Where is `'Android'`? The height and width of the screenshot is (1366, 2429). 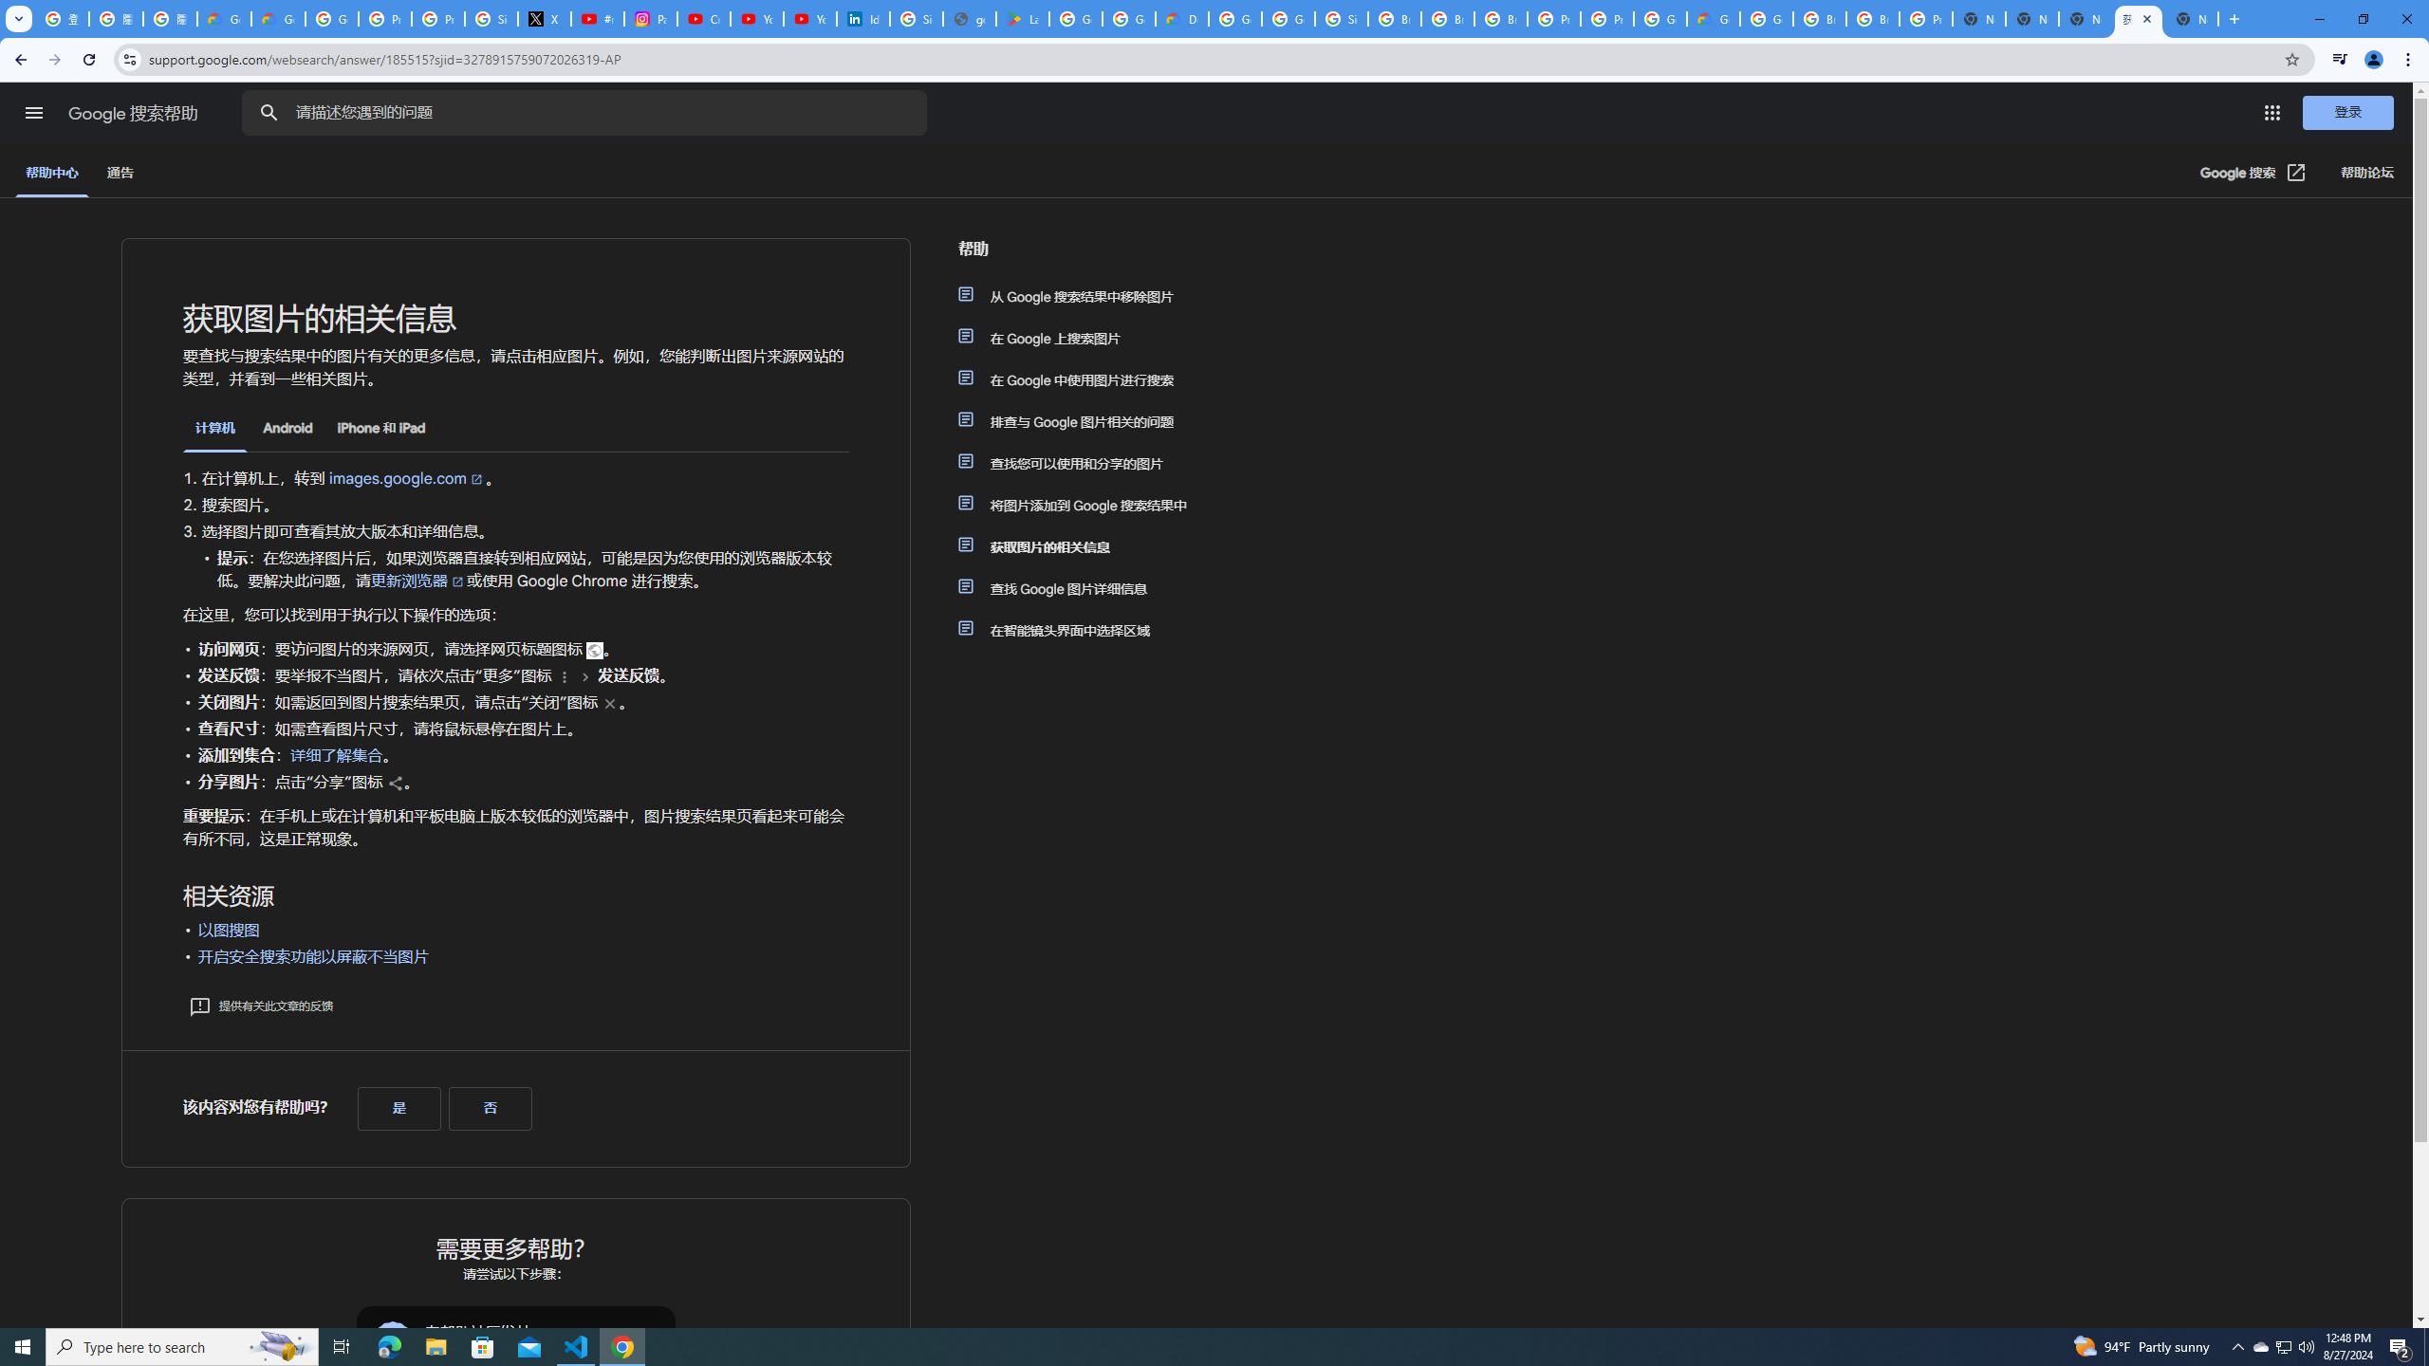 'Android' is located at coordinates (287, 428).